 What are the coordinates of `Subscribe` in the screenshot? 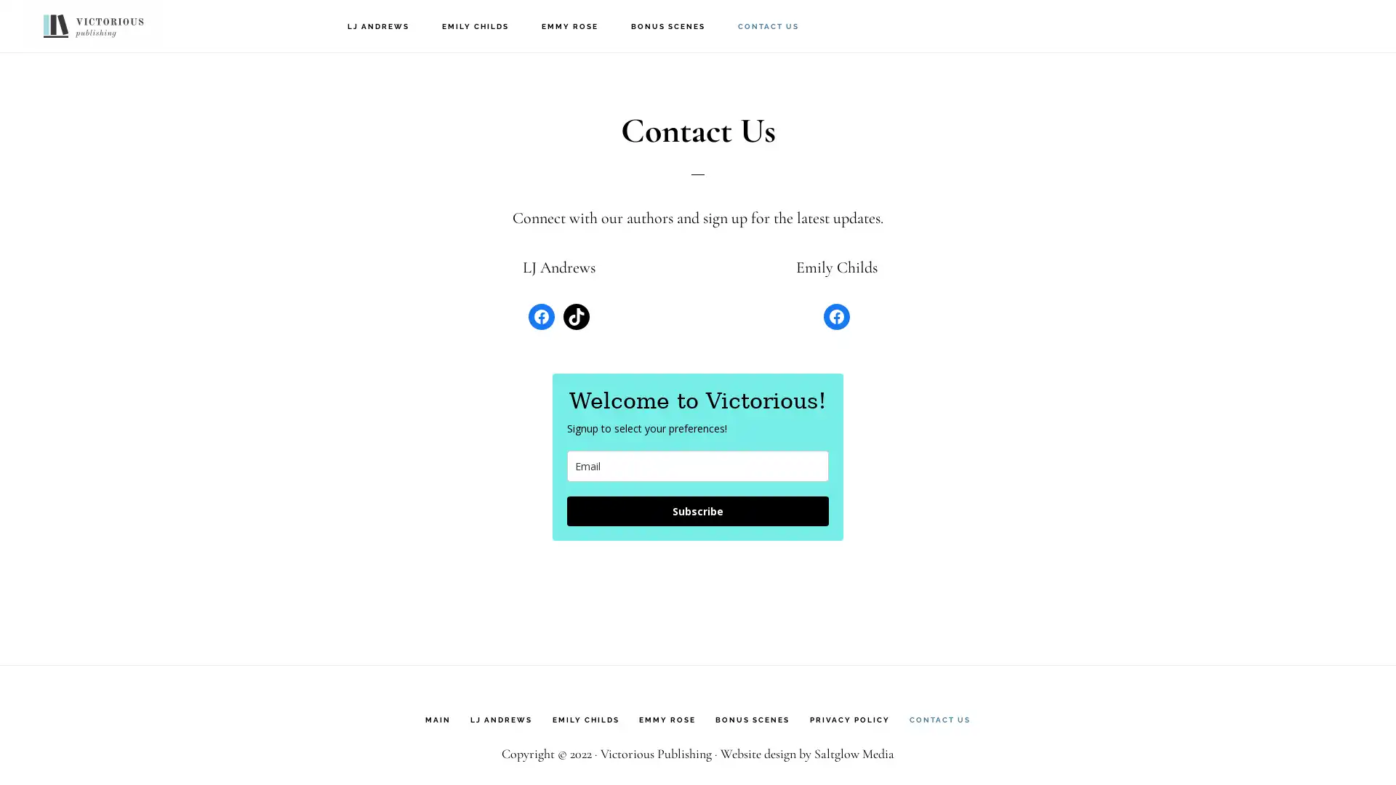 It's located at (698, 510).